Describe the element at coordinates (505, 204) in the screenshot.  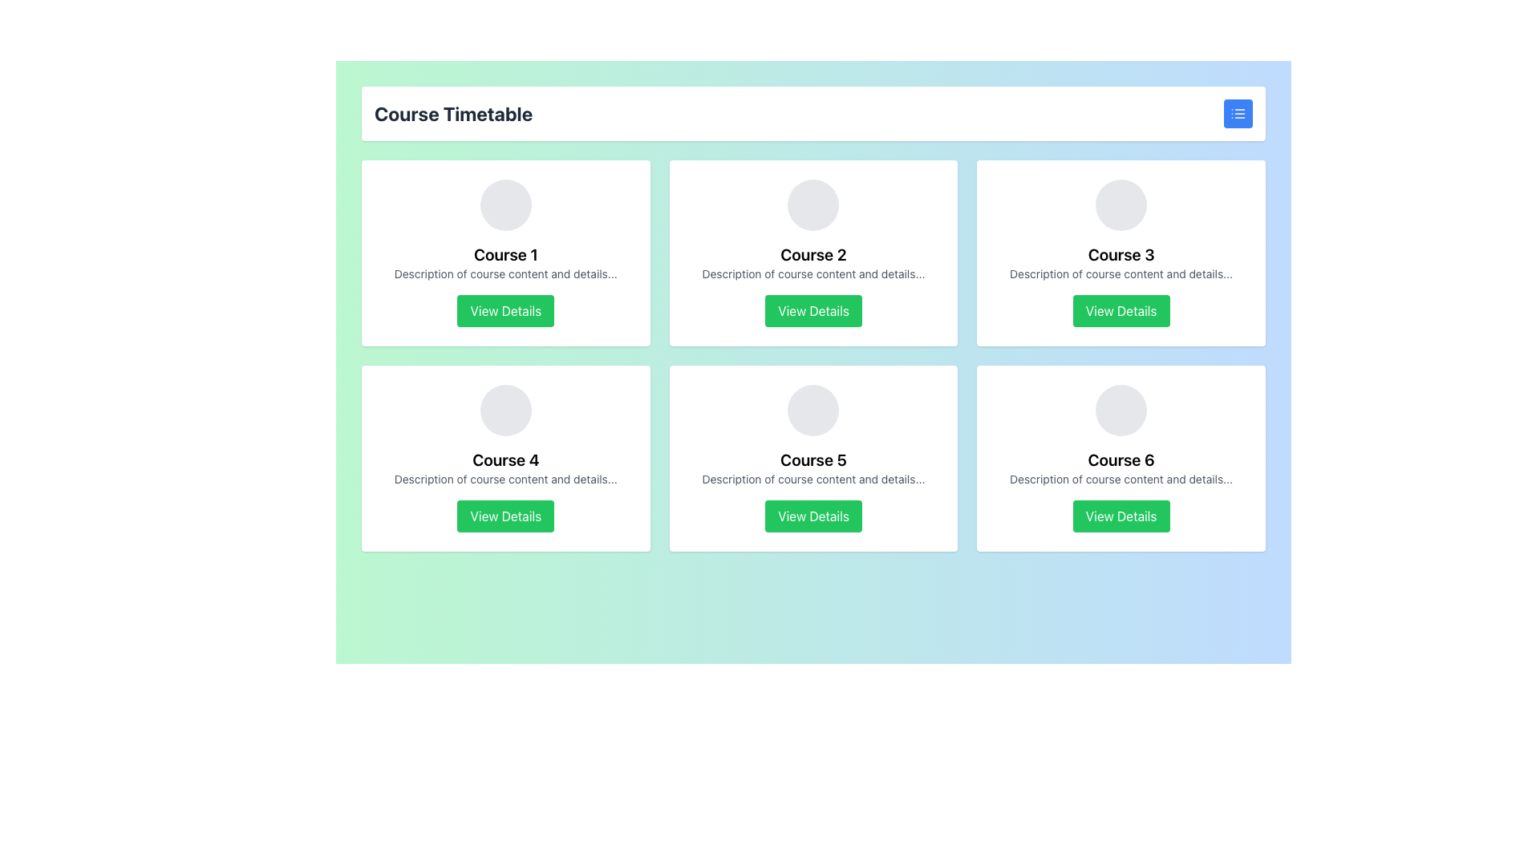
I see `the circular gray graphic placeholder located at the top center of the course information panel, above 'Course 1' and the 'View Details' button` at that location.